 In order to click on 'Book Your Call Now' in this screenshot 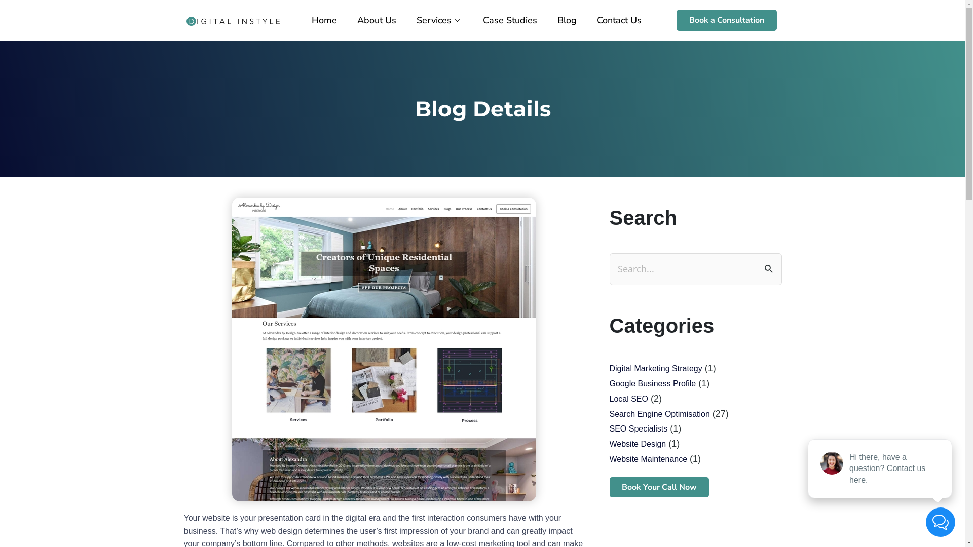, I will do `click(608, 486)`.